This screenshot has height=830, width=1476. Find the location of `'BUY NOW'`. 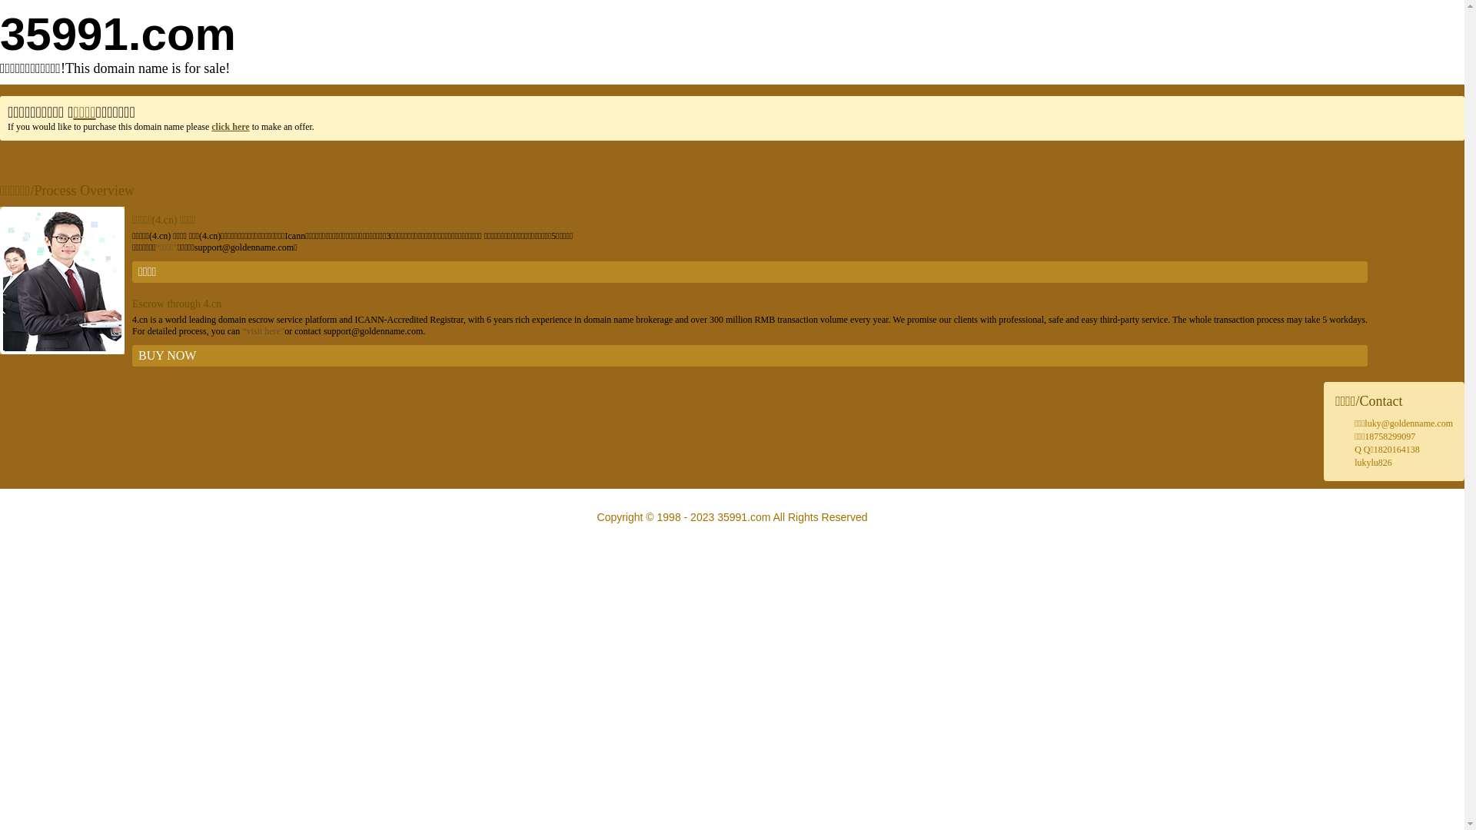

'BUY NOW' is located at coordinates (132, 355).